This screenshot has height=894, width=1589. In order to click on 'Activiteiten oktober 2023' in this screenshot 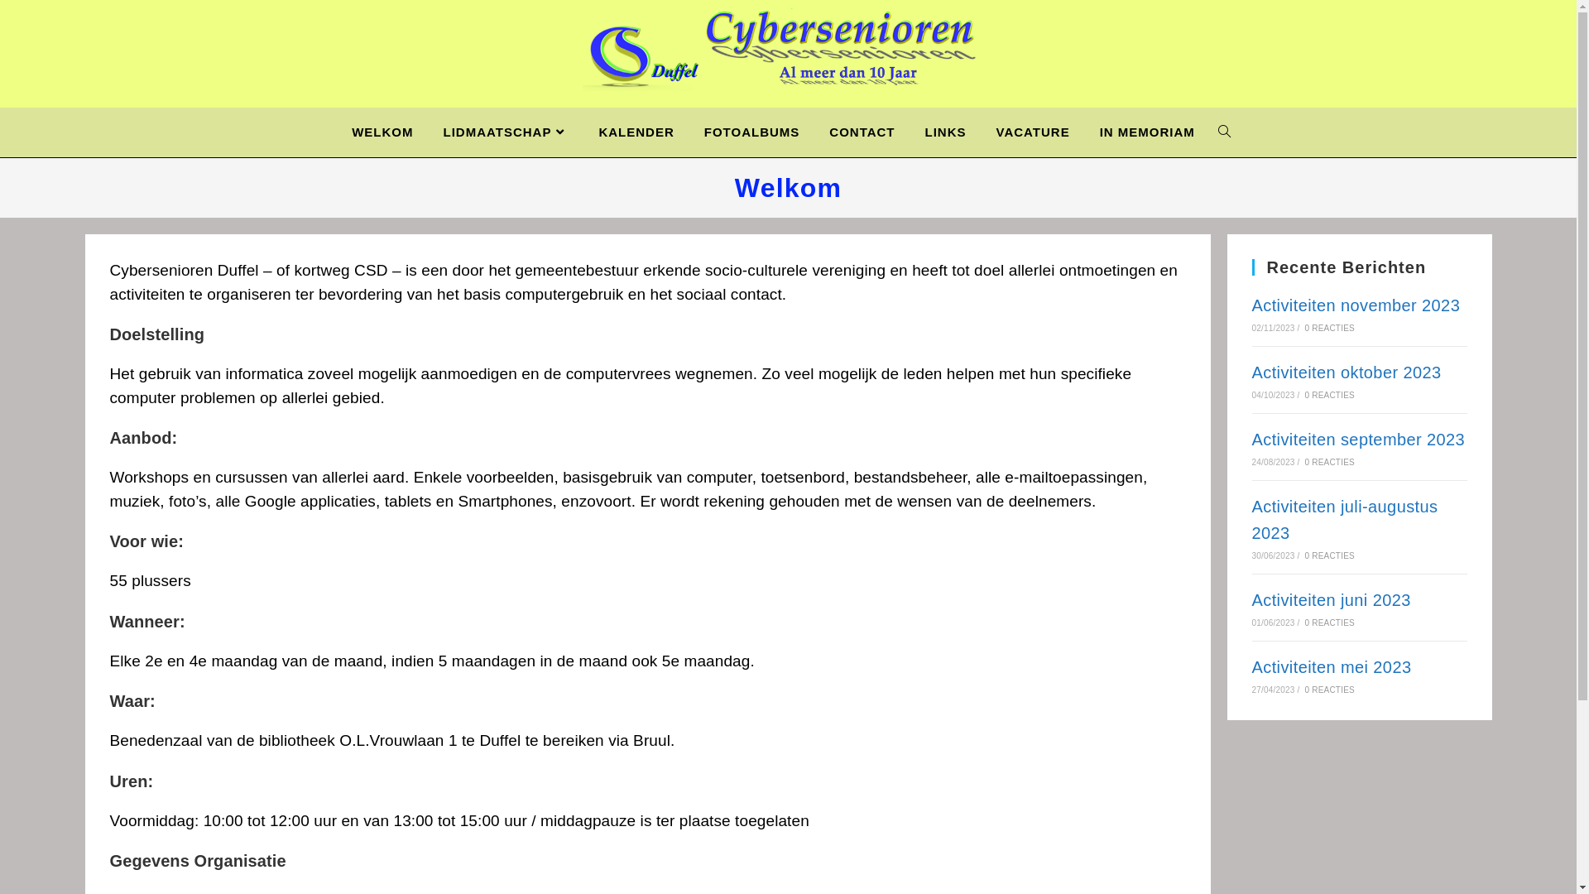, I will do `click(1346, 372)`.